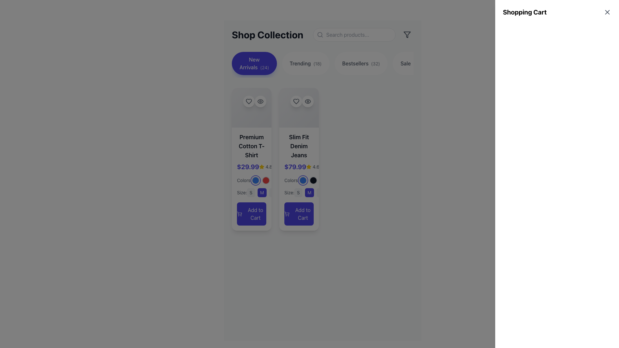  Describe the element at coordinates (249, 101) in the screenshot. I see `the heart icon located at the top left corner of the 'Premium Cotton T-Shirt' card to mark the product as favorite` at that location.